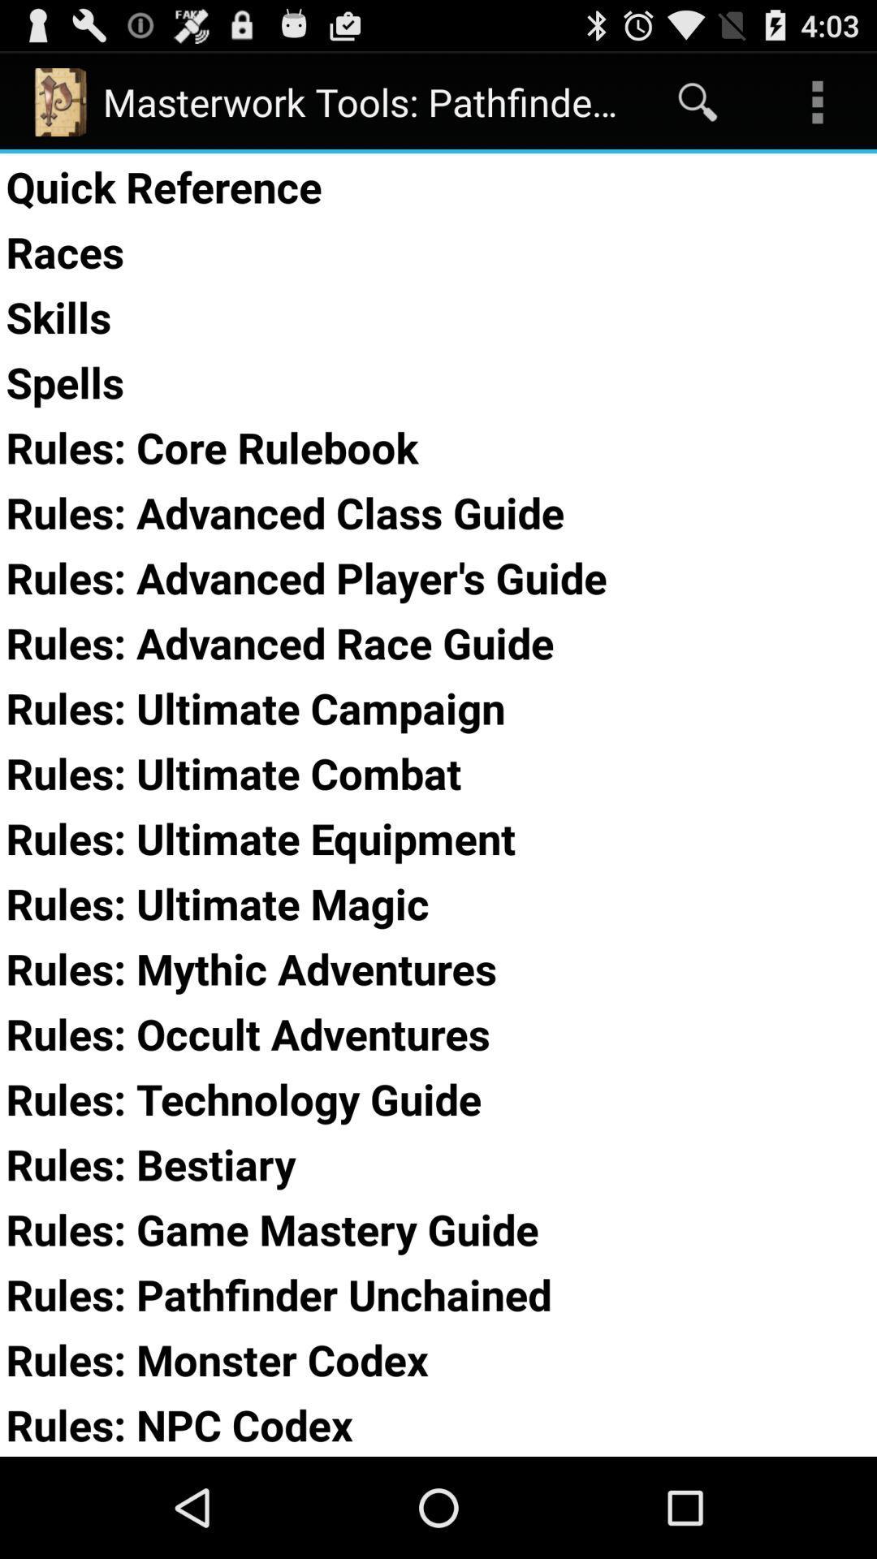 The height and width of the screenshot is (1559, 877). Describe the element at coordinates (58, 101) in the screenshot. I see `top left corner image` at that location.